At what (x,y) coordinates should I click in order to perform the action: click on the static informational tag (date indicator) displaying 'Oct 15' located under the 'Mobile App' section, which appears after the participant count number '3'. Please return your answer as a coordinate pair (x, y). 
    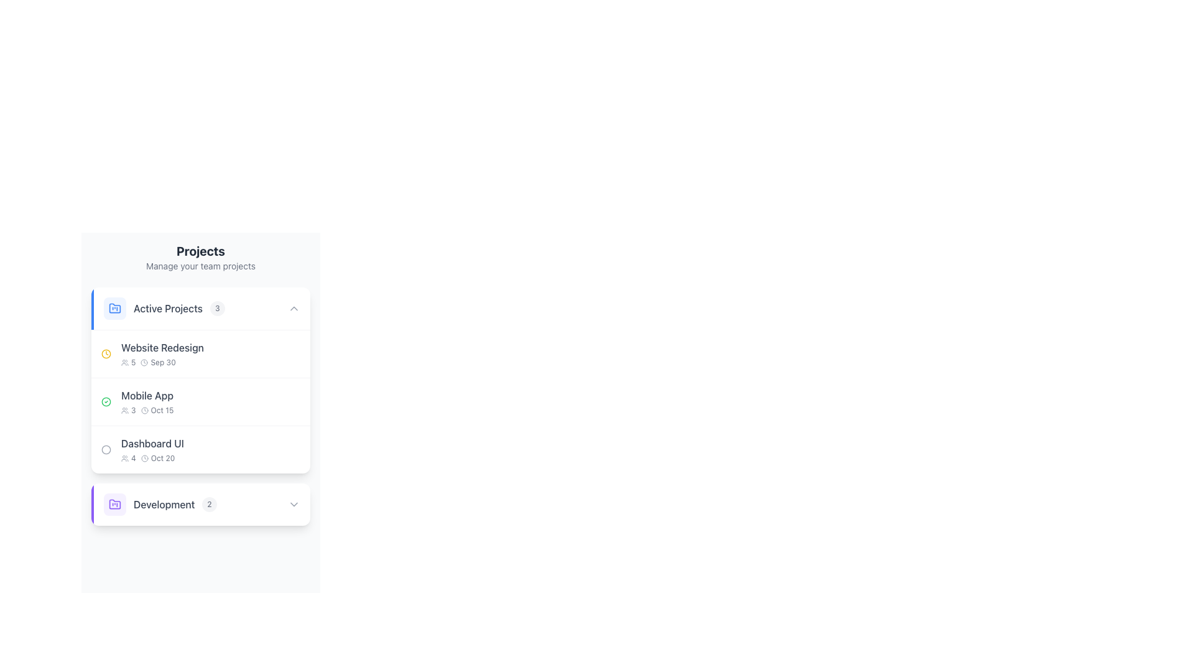
    Looking at the image, I should click on (156, 410).